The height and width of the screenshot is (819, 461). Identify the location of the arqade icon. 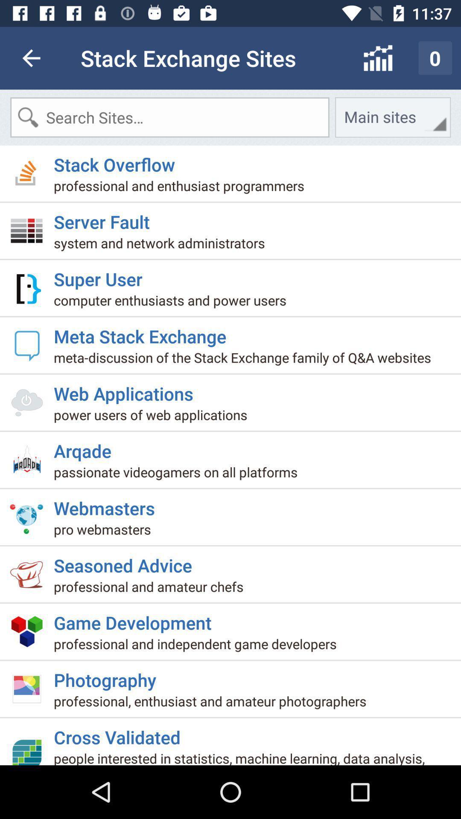
(86, 447).